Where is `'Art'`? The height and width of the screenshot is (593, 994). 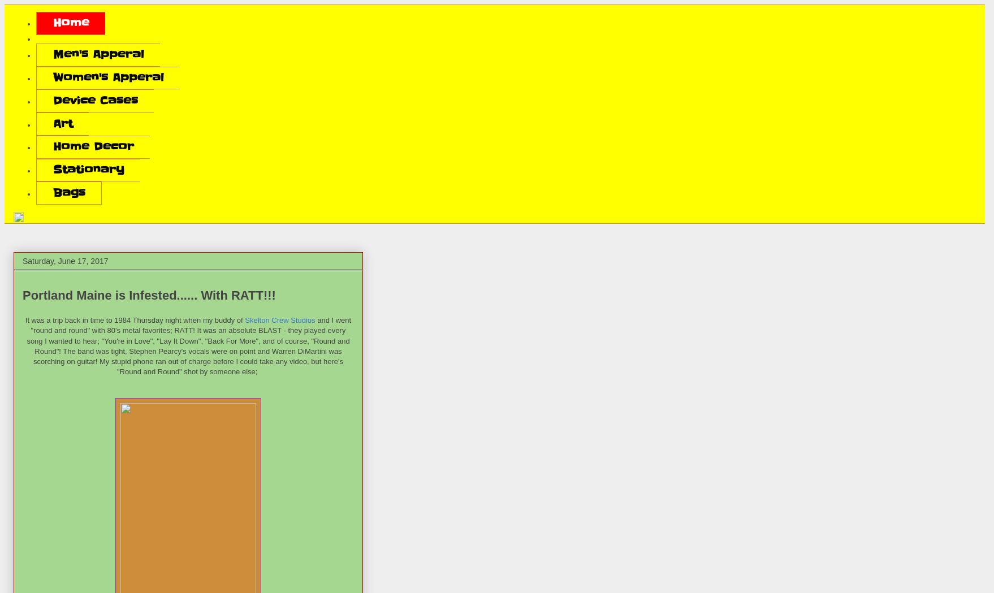
'Art' is located at coordinates (62, 123).